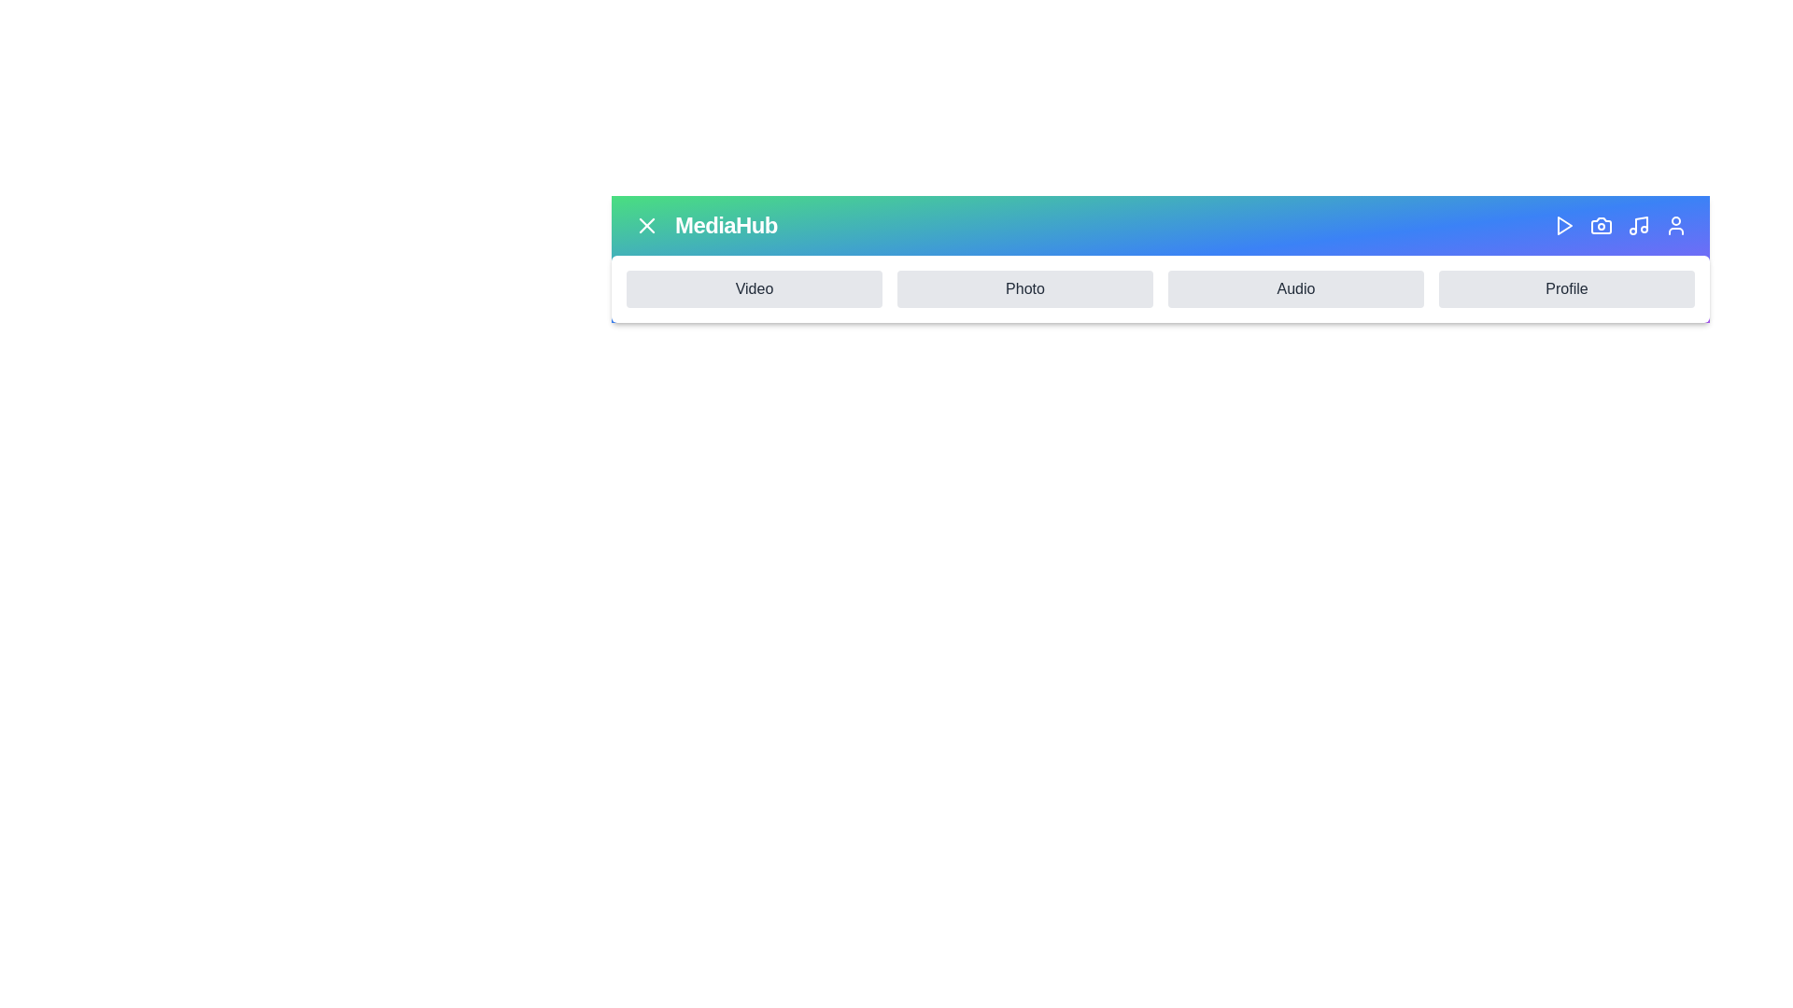  Describe the element at coordinates (1294, 288) in the screenshot. I see `the navigation item Audio by clicking on its respective button` at that location.